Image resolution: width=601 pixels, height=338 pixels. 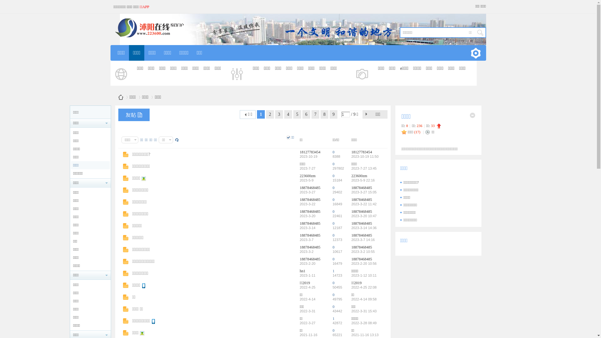 What do you see at coordinates (333, 114) in the screenshot?
I see `'9'` at bounding box center [333, 114].